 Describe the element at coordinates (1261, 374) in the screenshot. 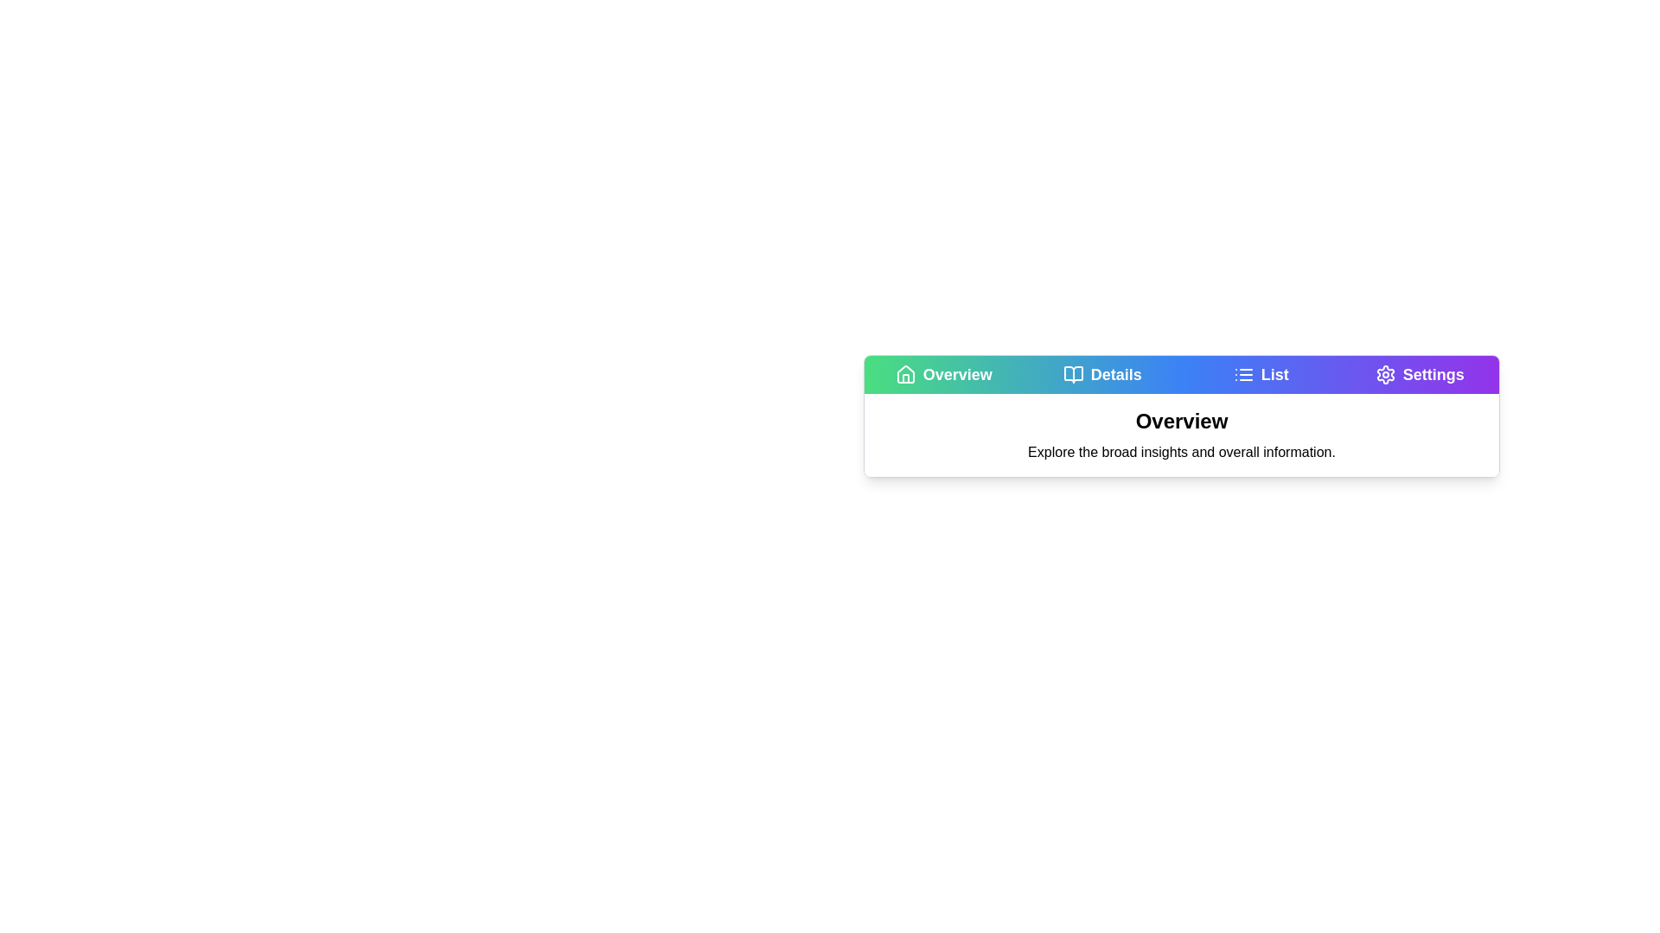

I see `the 'List' button` at that location.